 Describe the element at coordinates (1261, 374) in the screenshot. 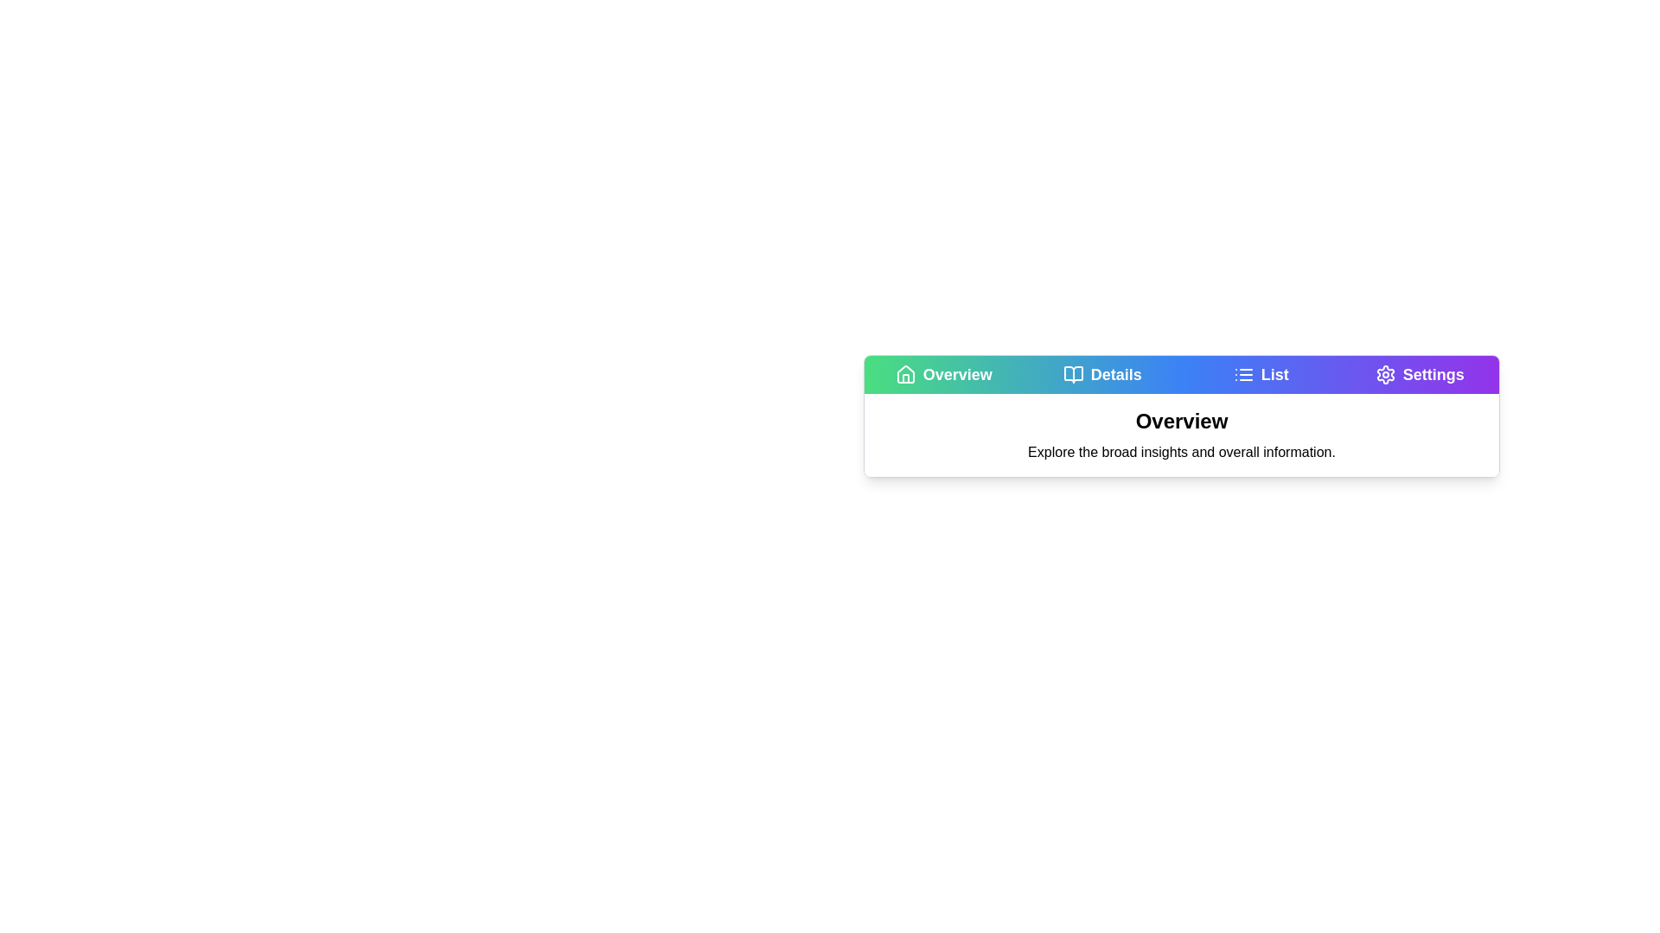

I see `the 'List' button` at that location.